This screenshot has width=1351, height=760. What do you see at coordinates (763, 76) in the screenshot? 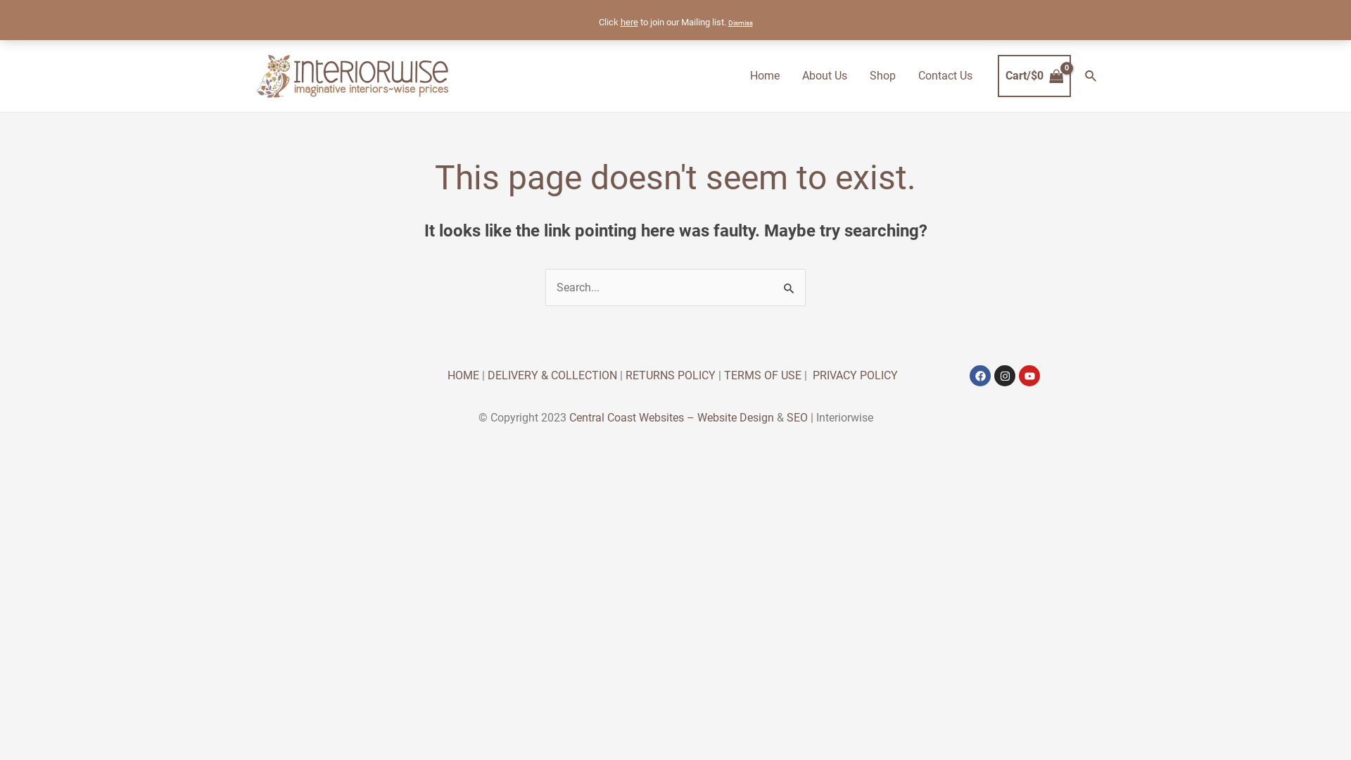
I see `'Home'` at bounding box center [763, 76].